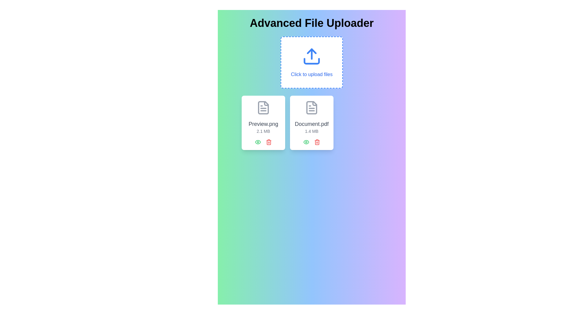  What do you see at coordinates (312, 62) in the screenshot?
I see `the Interactive click area for file selection located centrally underneath the title 'Advanced File Uploader' by moving the cursor to its center point` at bounding box center [312, 62].